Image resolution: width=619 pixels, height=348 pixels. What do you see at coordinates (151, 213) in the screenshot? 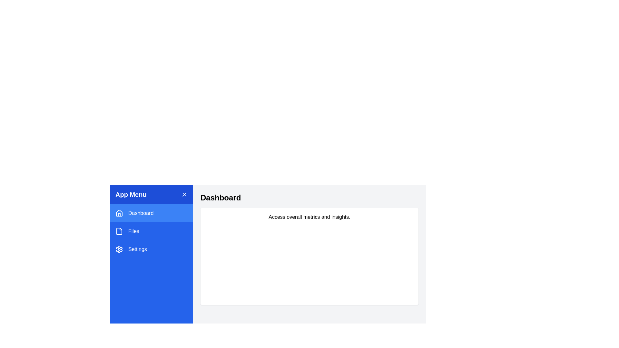
I see `the menu item Dashboard to display its content` at bounding box center [151, 213].